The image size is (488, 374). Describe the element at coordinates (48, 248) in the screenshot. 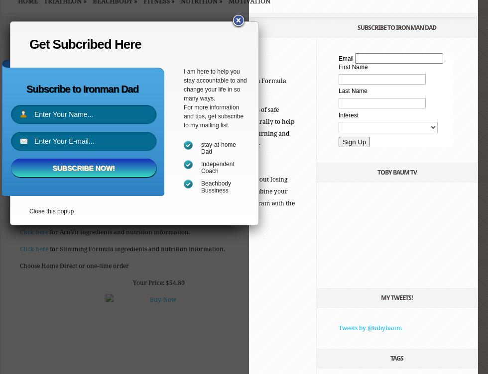

I see `'for Slimming Formula ingredients and nutrition information.'` at that location.